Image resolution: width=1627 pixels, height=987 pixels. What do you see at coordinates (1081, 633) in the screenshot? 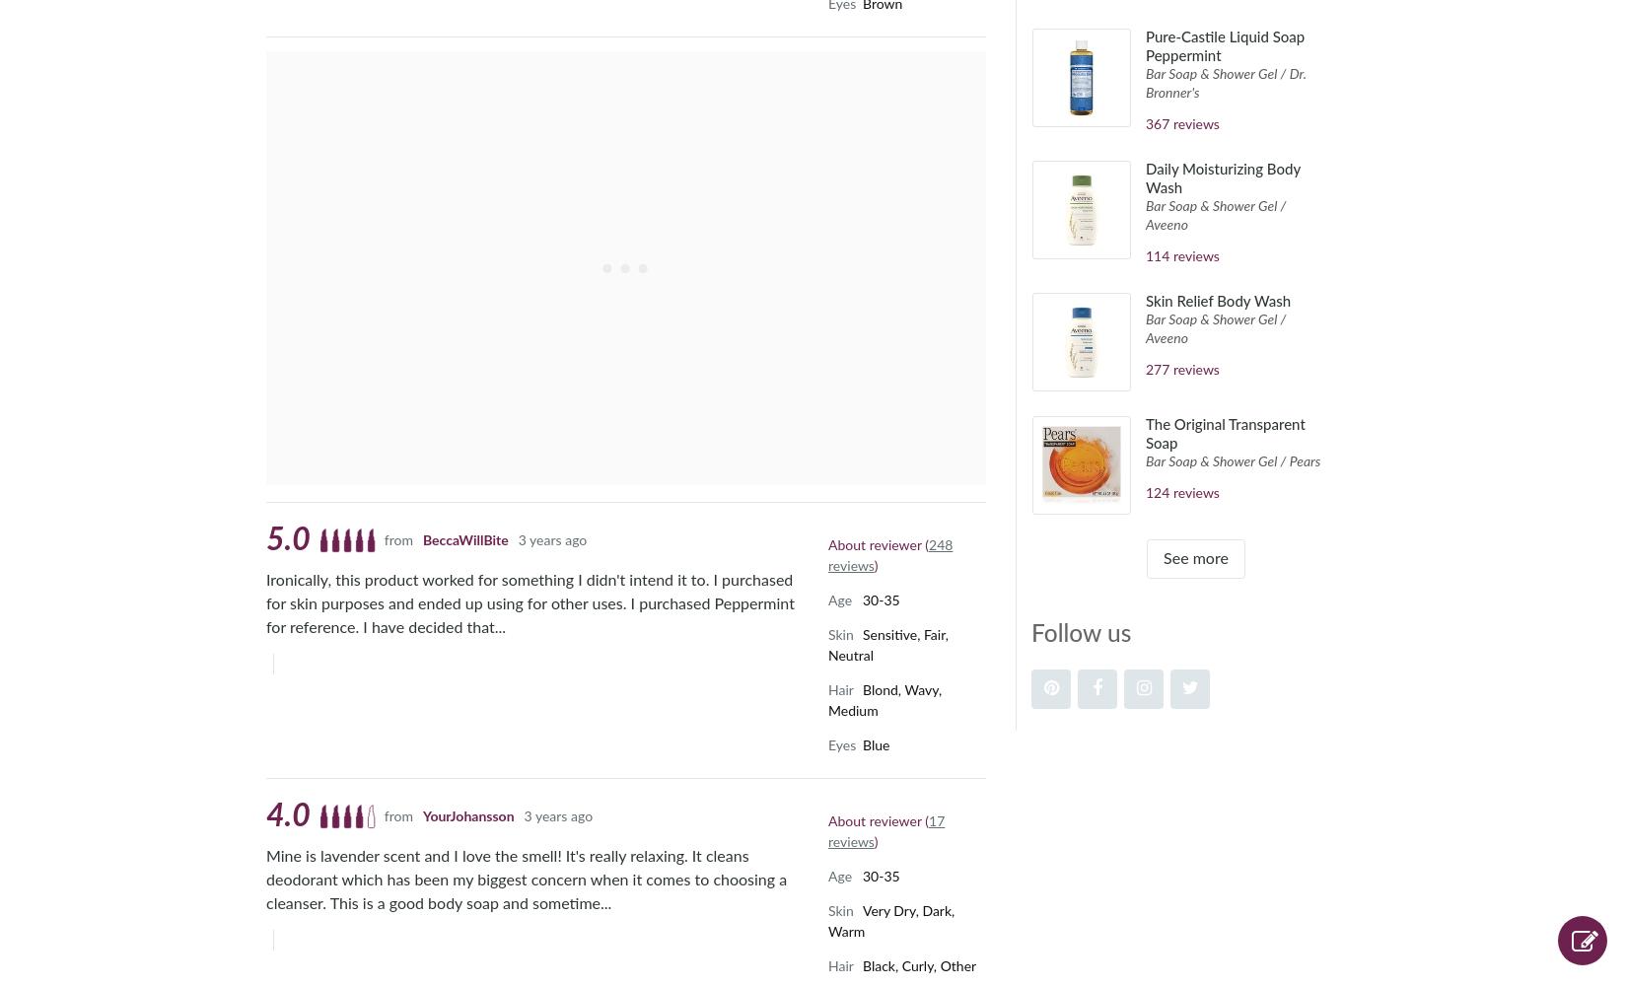
I see `'Follow us'` at bounding box center [1081, 633].